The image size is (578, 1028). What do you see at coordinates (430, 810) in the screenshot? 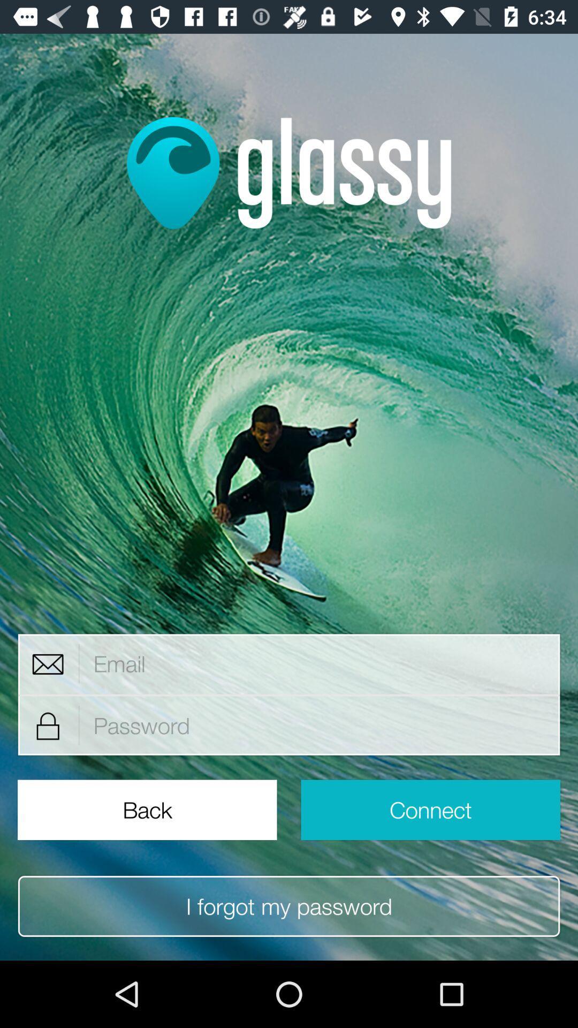
I see `item next to the back icon` at bounding box center [430, 810].